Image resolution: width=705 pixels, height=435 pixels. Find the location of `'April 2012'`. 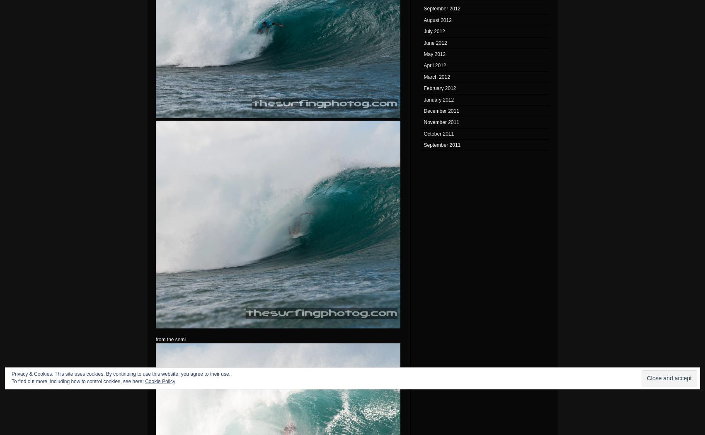

'April 2012' is located at coordinates (423, 65).